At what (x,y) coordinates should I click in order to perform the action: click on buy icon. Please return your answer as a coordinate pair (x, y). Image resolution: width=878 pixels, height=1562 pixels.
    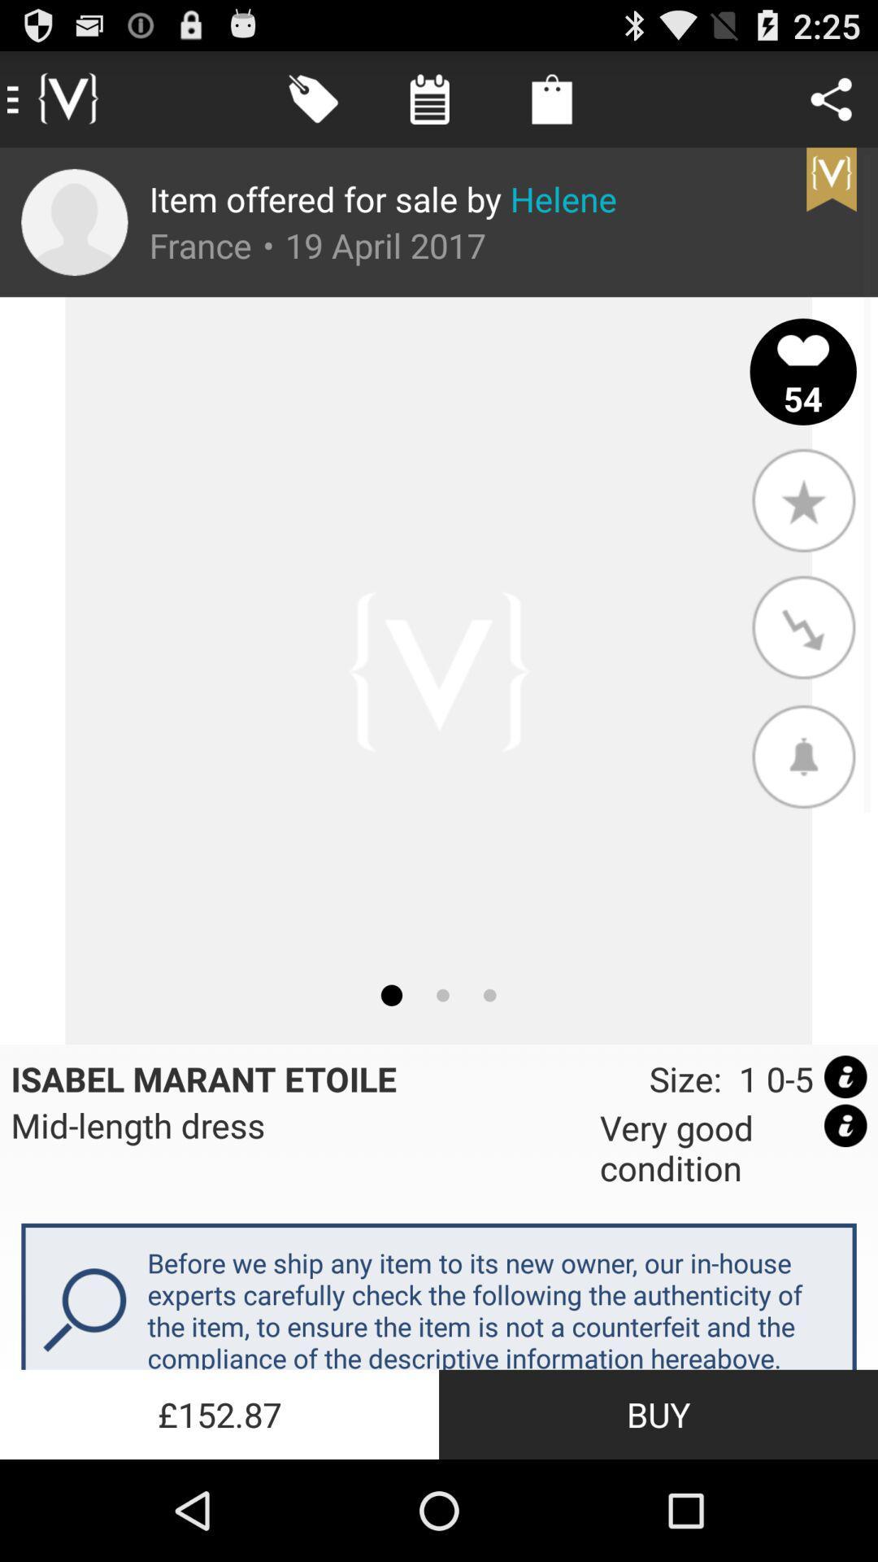
    Looking at the image, I should click on (658, 1413).